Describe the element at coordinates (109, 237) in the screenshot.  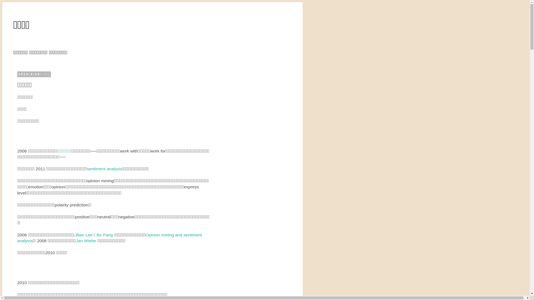
I see `'Opinion mining and sentiment analysis'` at that location.